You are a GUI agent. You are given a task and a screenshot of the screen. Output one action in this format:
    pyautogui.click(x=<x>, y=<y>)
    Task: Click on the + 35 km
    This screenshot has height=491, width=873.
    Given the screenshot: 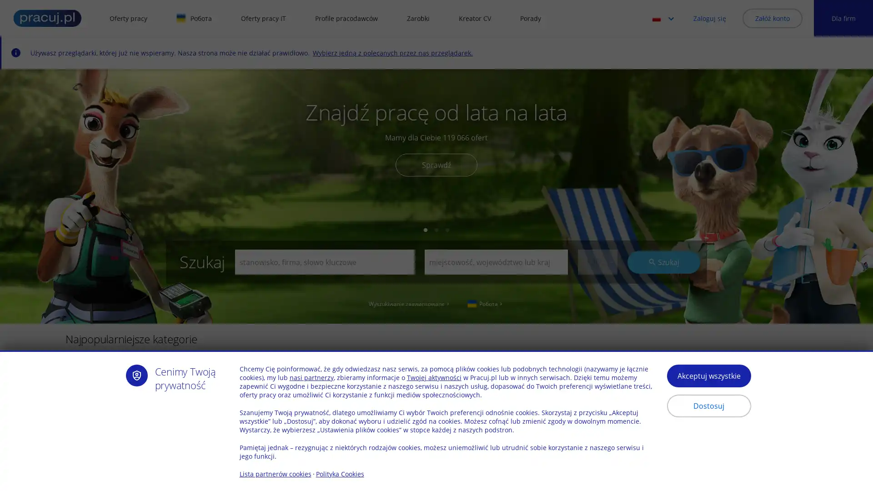 What is the action you would take?
    pyautogui.click(x=597, y=377)
    